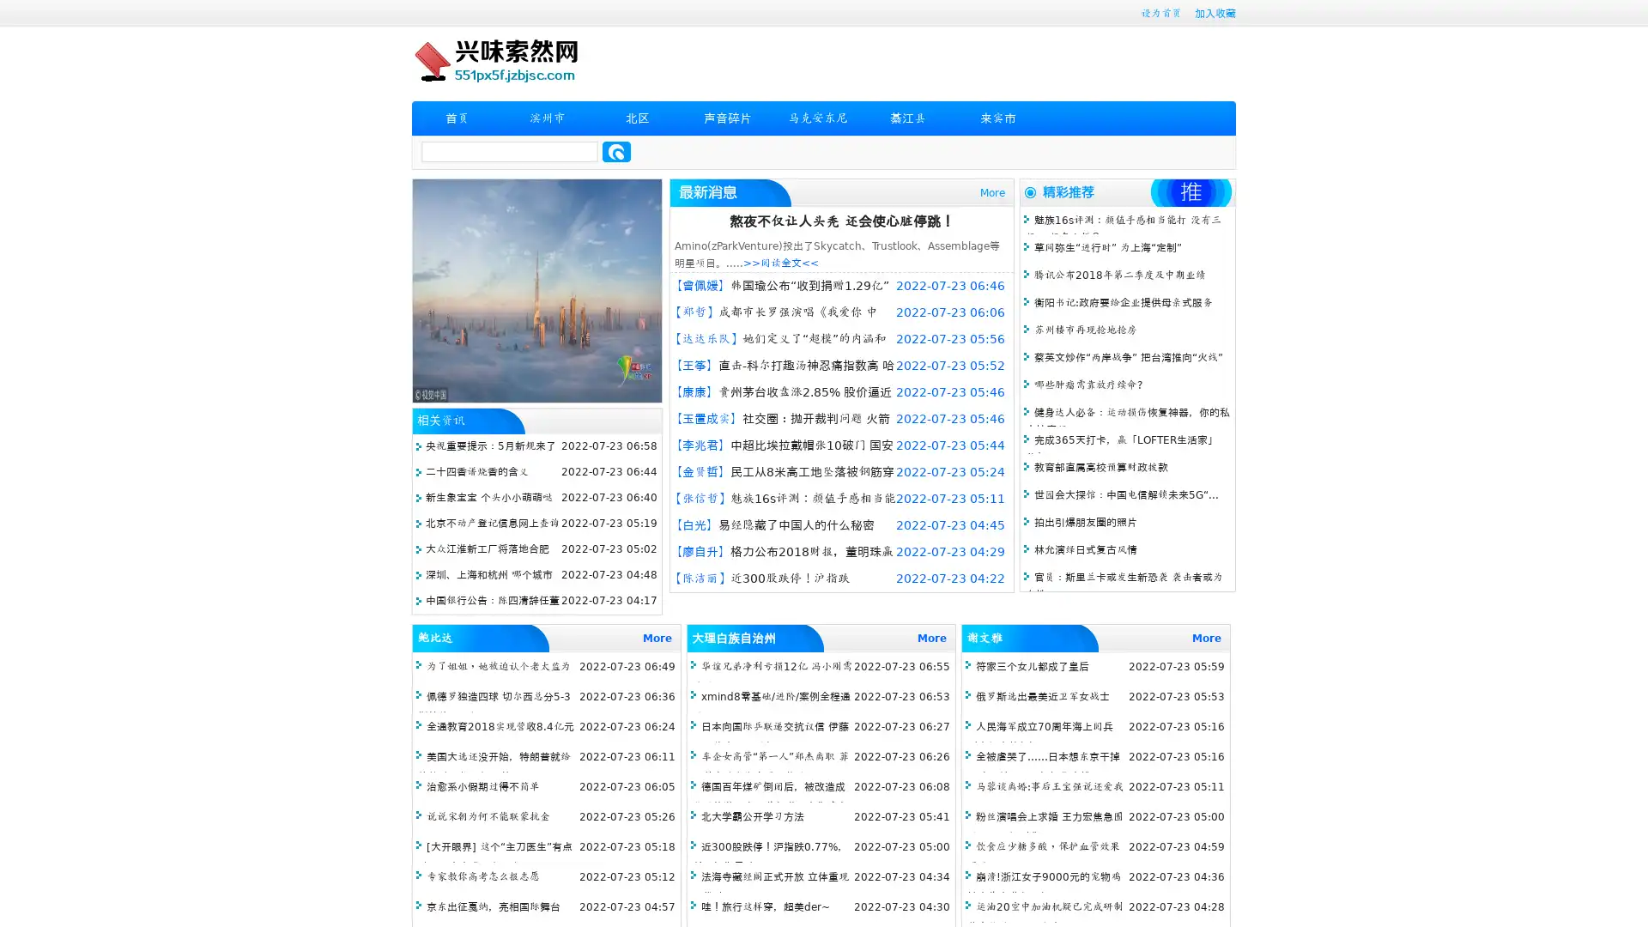 The width and height of the screenshot is (1648, 927). Describe the element at coordinates (616, 151) in the screenshot. I see `Search` at that location.